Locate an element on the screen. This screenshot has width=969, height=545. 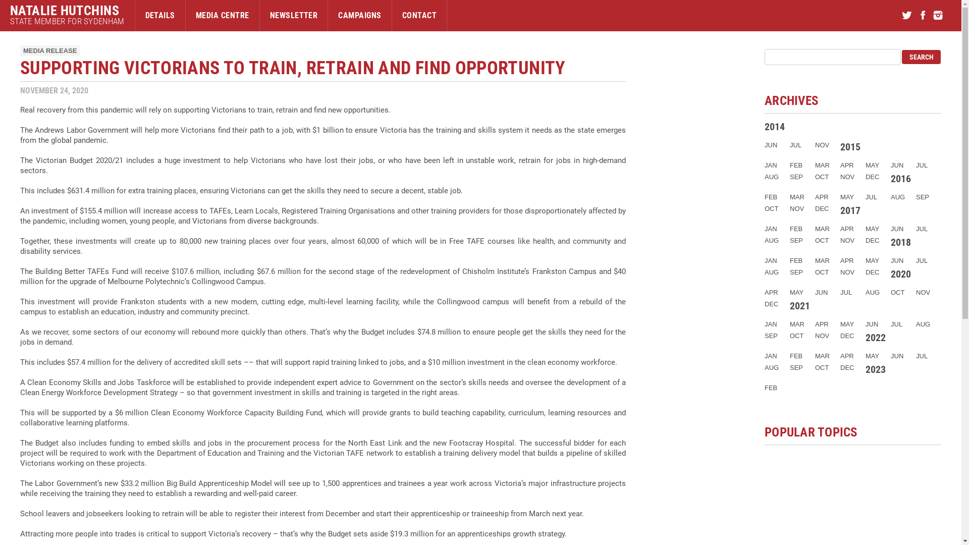
'2014' is located at coordinates (774, 126).